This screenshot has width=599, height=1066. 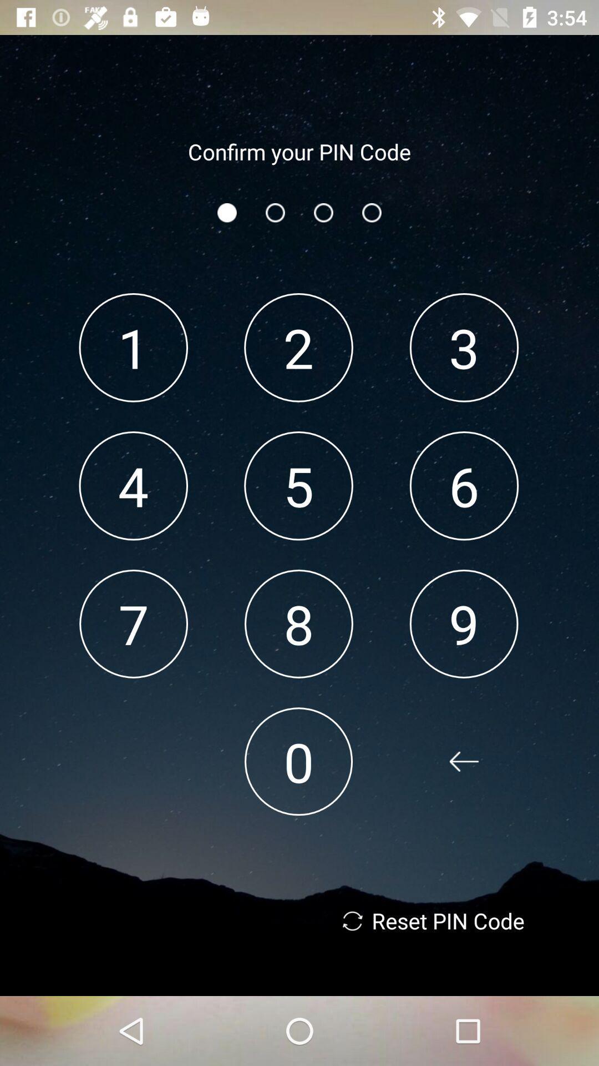 What do you see at coordinates (464, 486) in the screenshot?
I see `the 6 item` at bounding box center [464, 486].